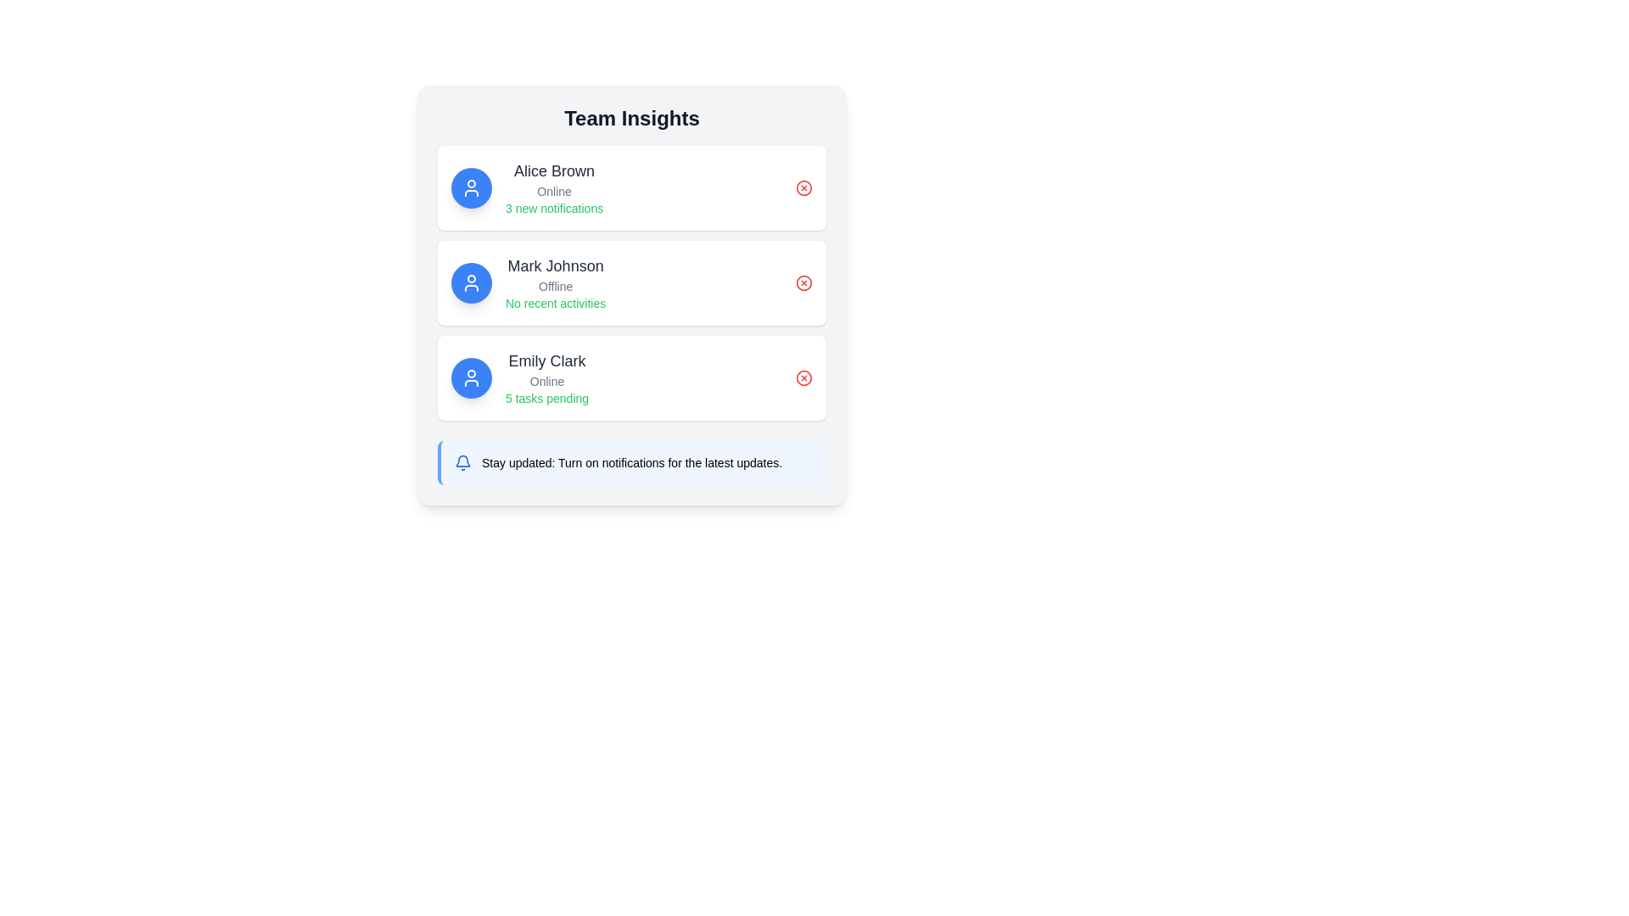  I want to click on the informational note located at the bottom of the main display card, which encourages users to activate notifications for updates, so click(630, 463).